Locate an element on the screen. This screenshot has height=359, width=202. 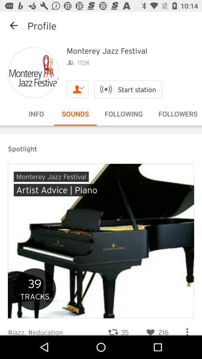
the number 35 along with the button at the bottom of the page is located at coordinates (118, 327).